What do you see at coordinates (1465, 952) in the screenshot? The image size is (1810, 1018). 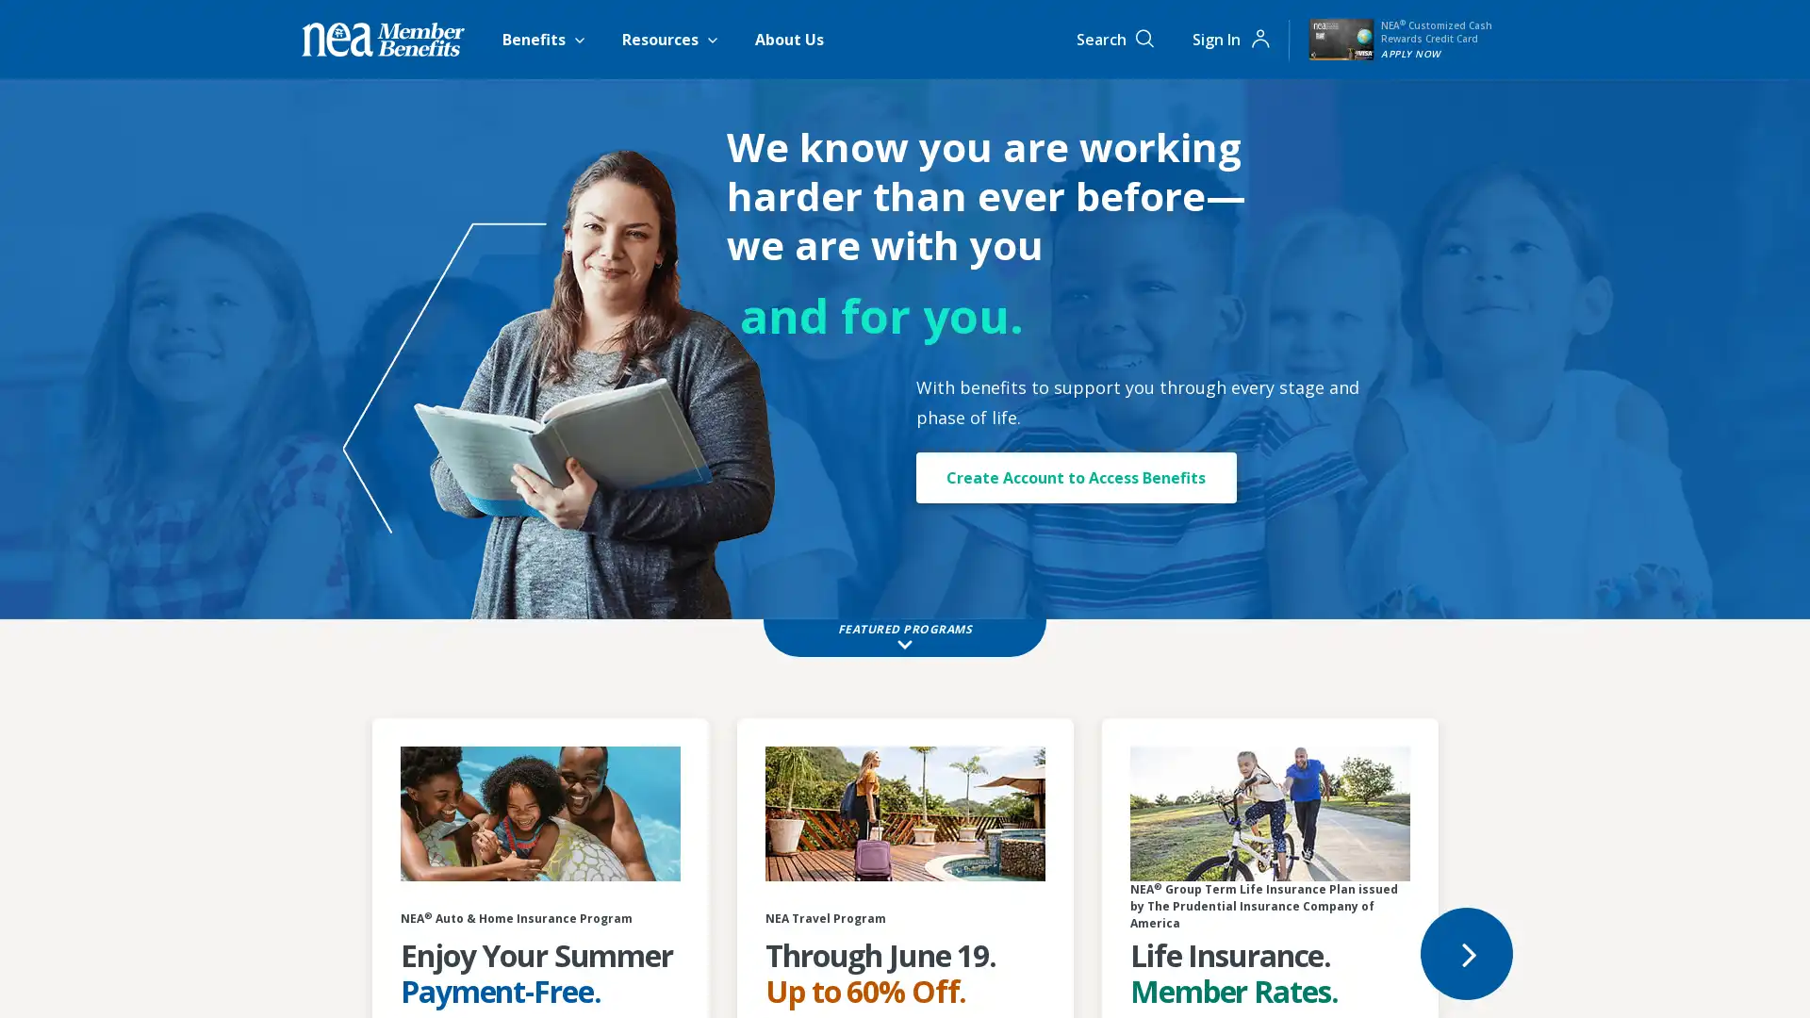 I see `Next` at bounding box center [1465, 952].